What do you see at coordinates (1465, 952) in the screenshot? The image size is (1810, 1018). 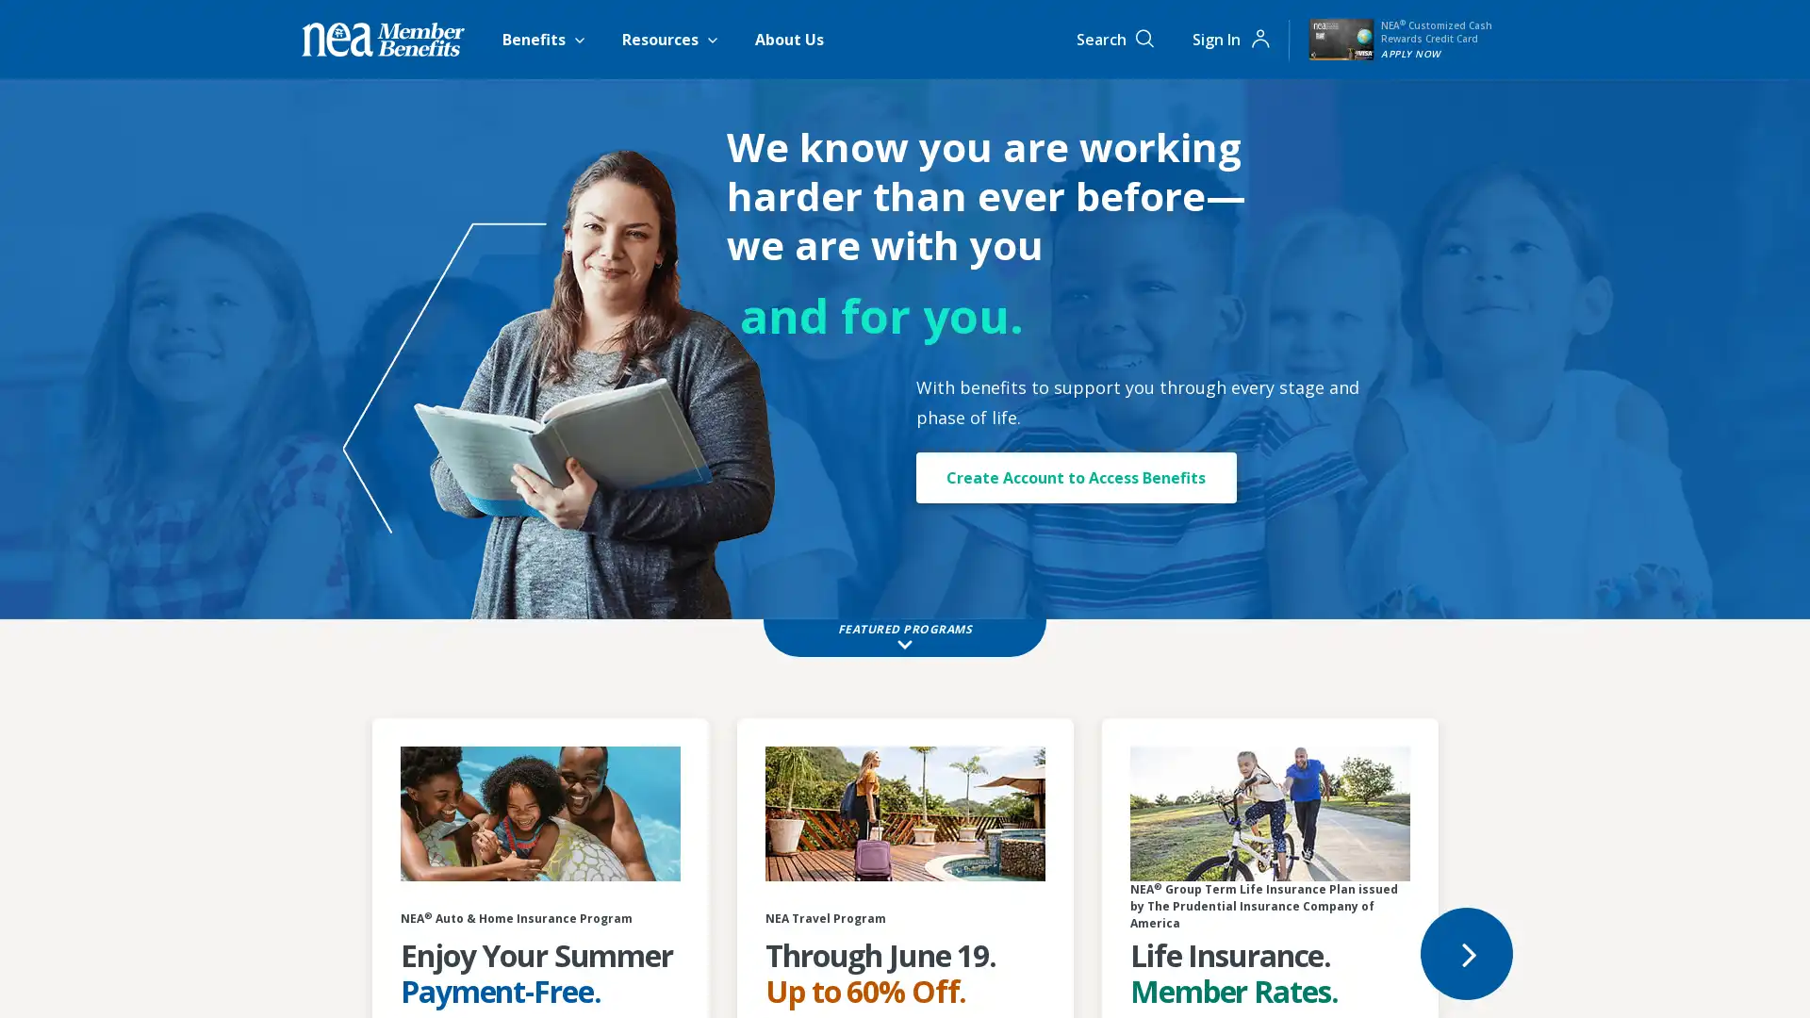 I see `Next` at bounding box center [1465, 952].